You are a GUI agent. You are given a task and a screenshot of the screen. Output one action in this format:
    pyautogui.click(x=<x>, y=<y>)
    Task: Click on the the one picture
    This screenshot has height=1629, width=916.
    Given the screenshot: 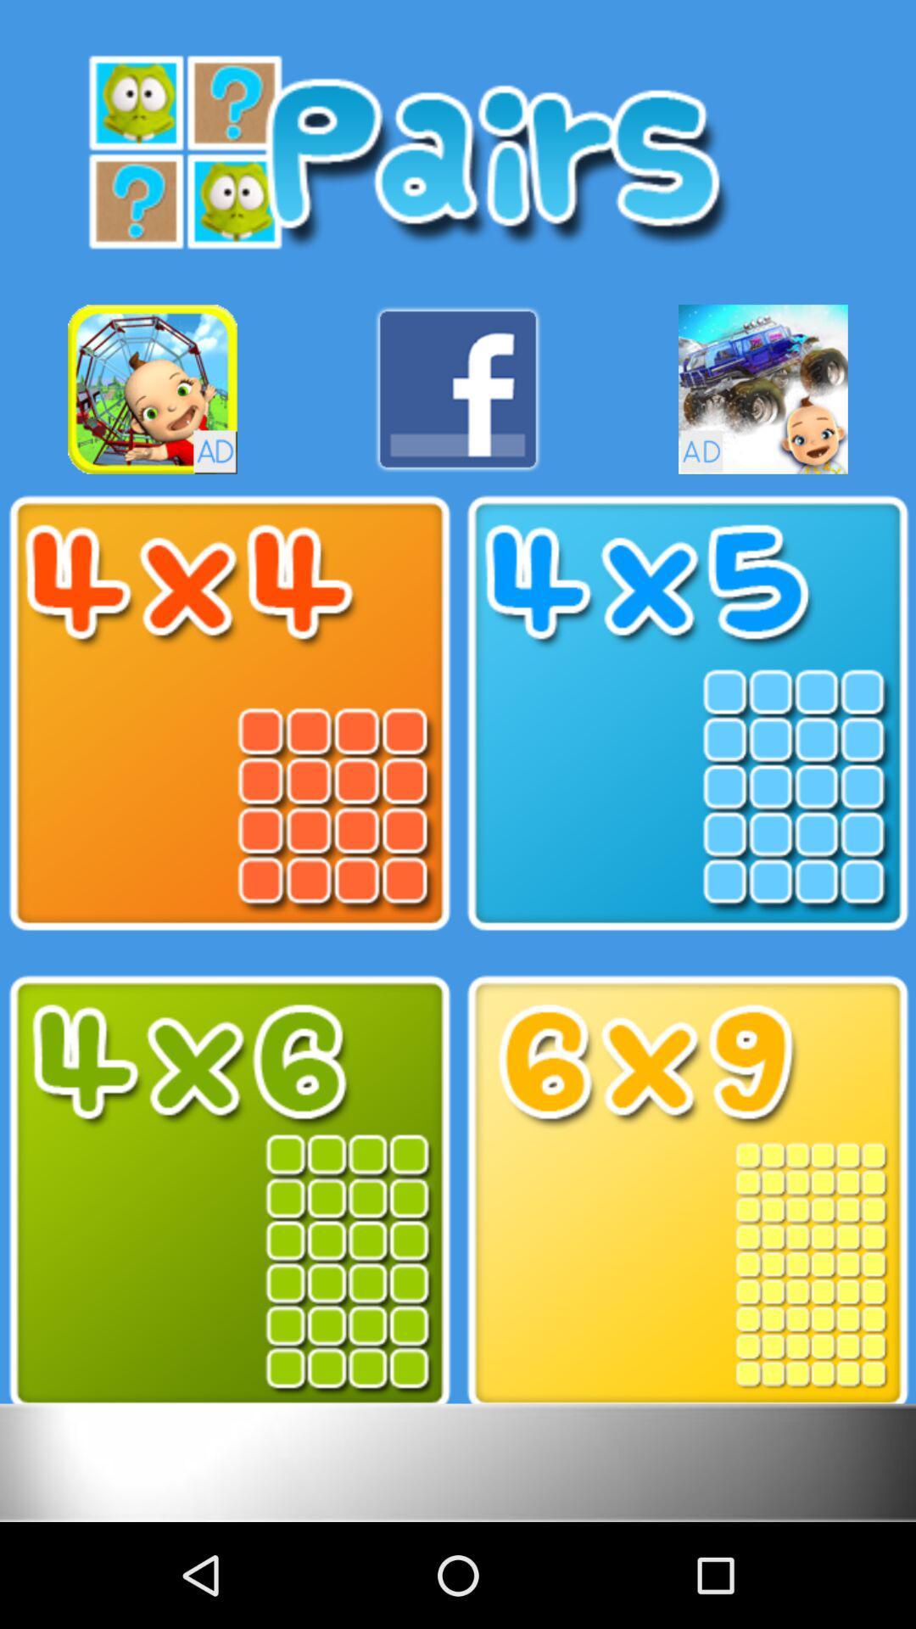 What is the action you would take?
    pyautogui.click(x=687, y=714)
    